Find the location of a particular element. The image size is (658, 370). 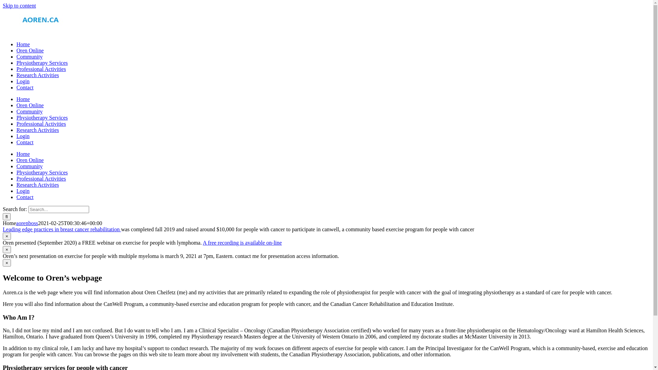

'Skip to content' is located at coordinates (19, 5).